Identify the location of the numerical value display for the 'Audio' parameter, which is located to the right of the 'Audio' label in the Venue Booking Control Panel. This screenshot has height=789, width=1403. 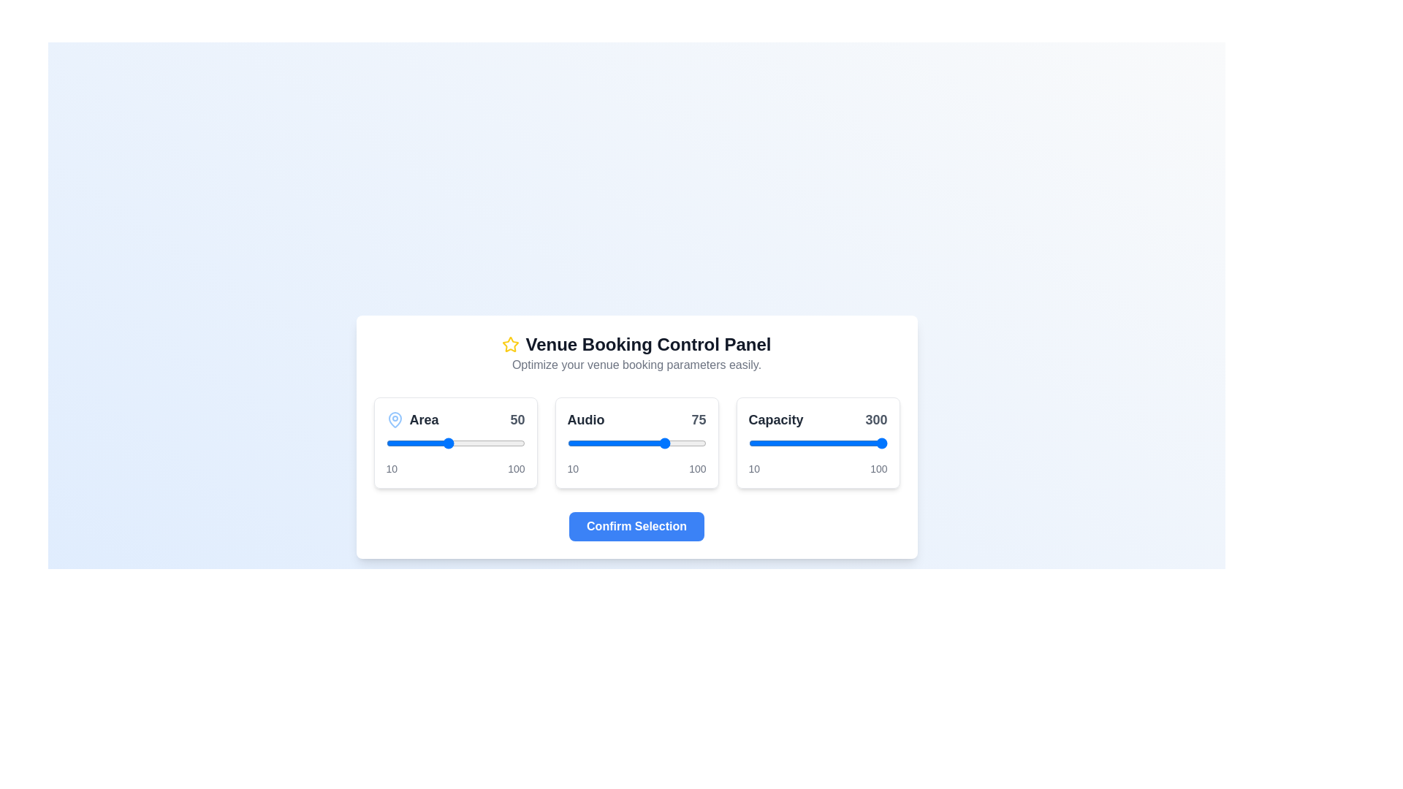
(698, 419).